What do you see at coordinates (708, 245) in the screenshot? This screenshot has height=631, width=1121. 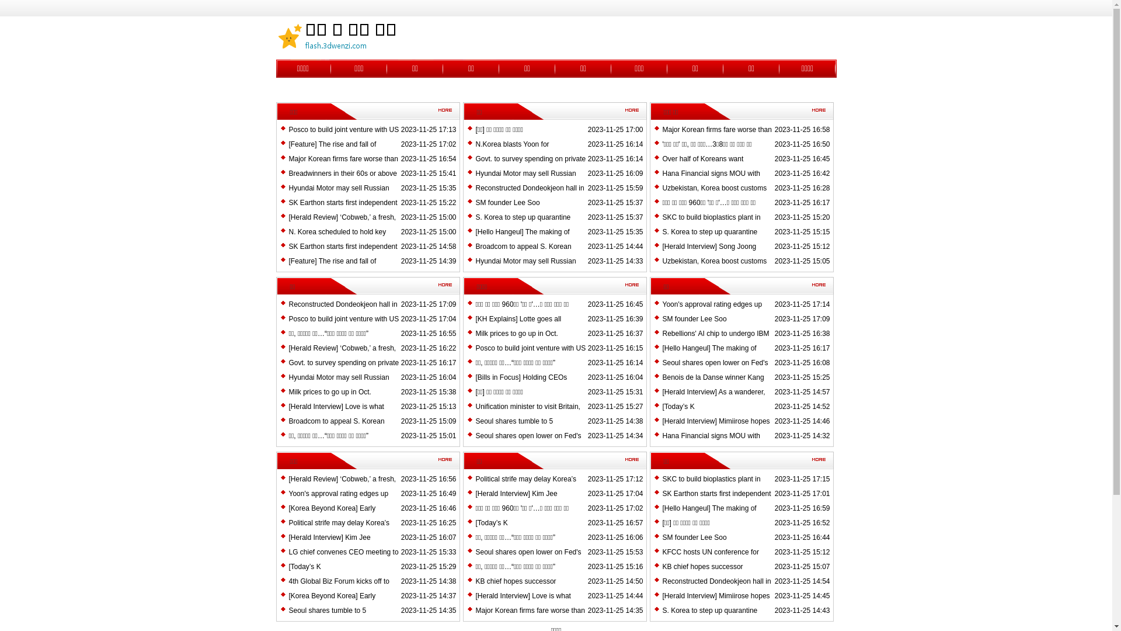 I see `'[Herald Interview] Song Joong'` at bounding box center [708, 245].